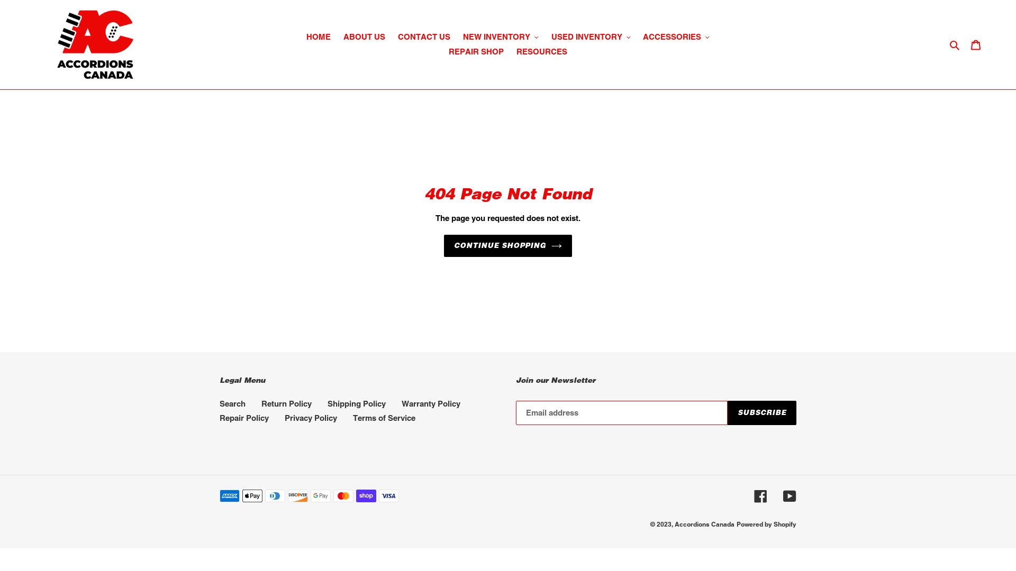 Image resolution: width=1016 pixels, height=571 pixels. I want to click on 'NEW INVENTORY', so click(500, 36).